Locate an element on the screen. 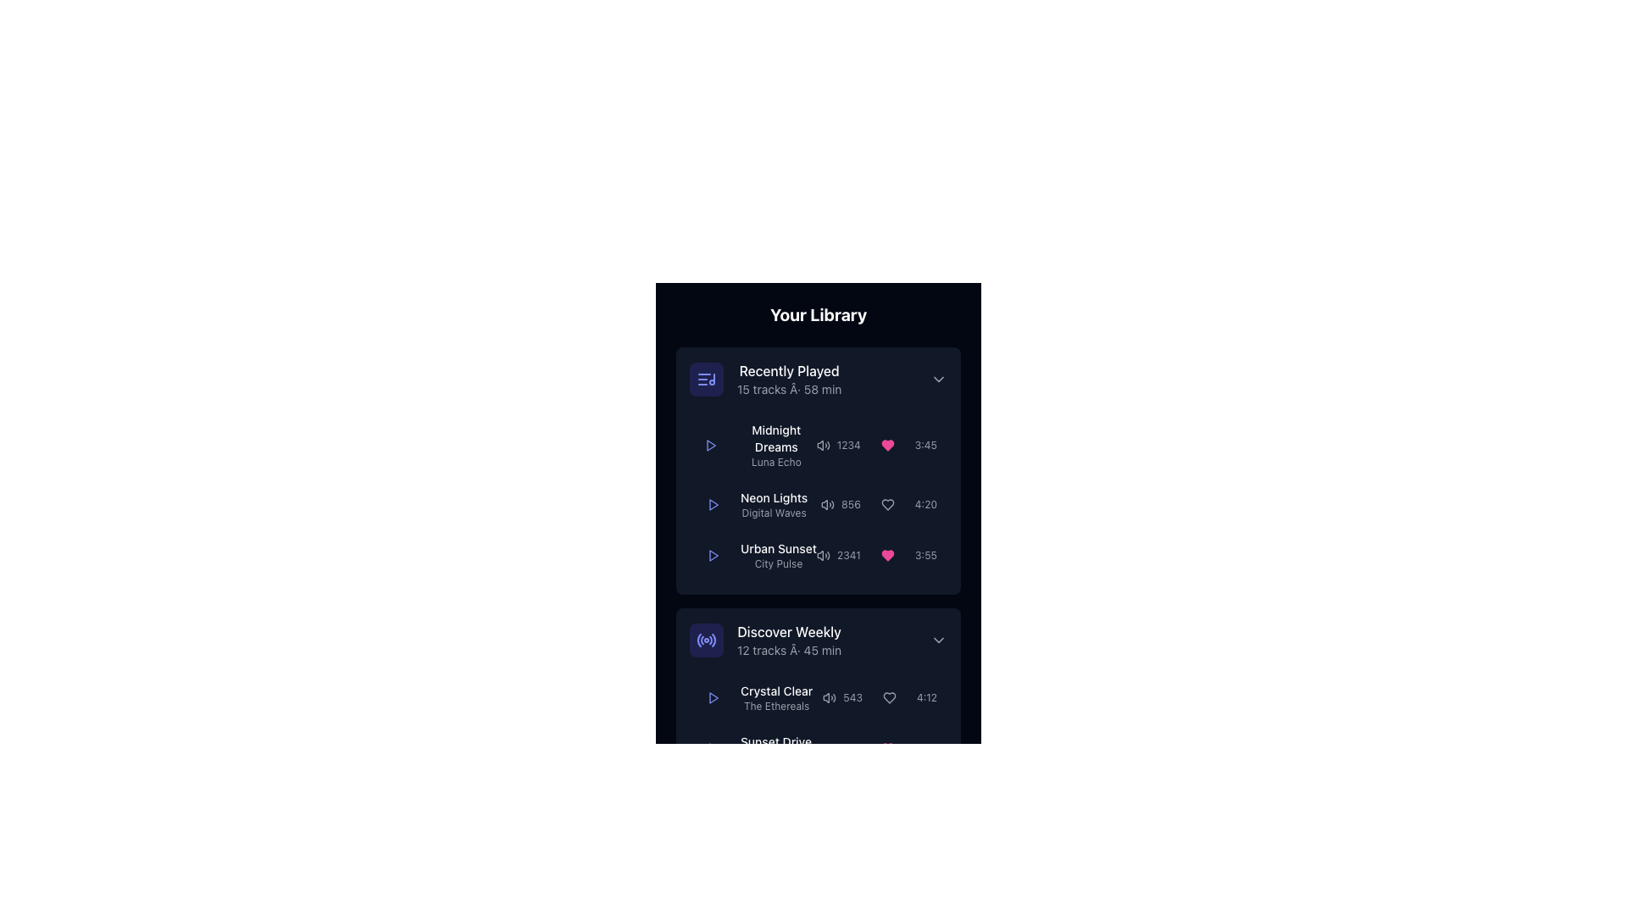 The width and height of the screenshot is (1627, 915). the title text of the 'Recently Played' section, which indicates the collection of tracks recently played by the user is located at coordinates (788, 370).